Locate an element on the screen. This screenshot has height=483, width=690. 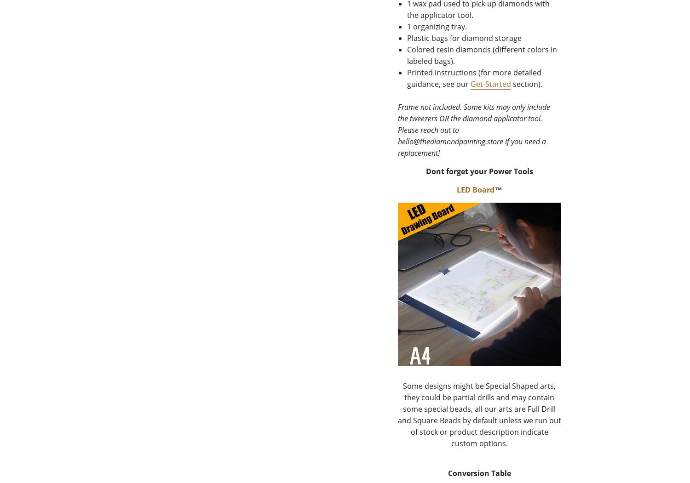
'Plastic bags for diamond storage' is located at coordinates (406, 38).